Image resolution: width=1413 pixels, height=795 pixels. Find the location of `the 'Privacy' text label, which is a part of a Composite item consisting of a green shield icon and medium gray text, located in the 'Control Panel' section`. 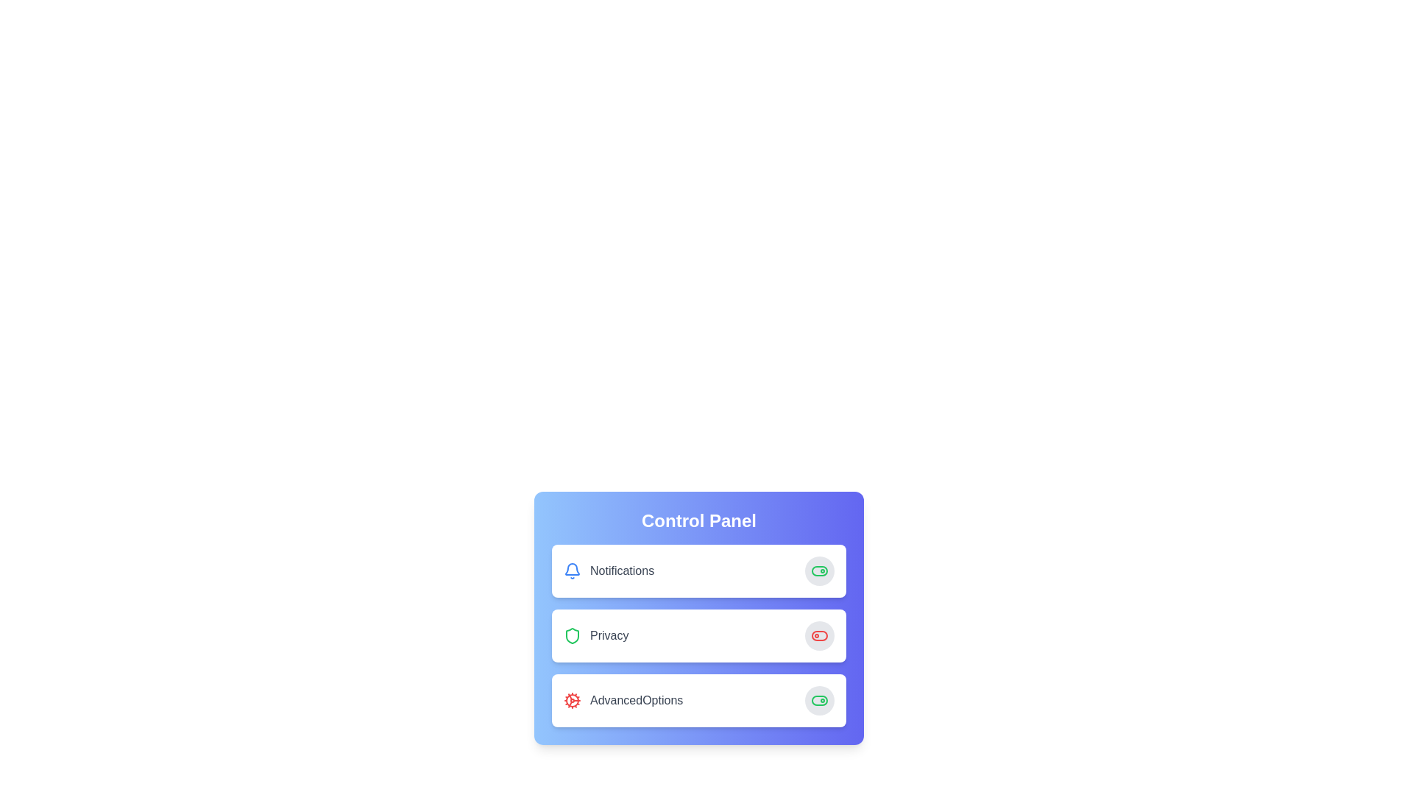

the 'Privacy' text label, which is a part of a Composite item consisting of a green shield icon and medium gray text, located in the 'Control Panel' section is located at coordinates (596, 635).